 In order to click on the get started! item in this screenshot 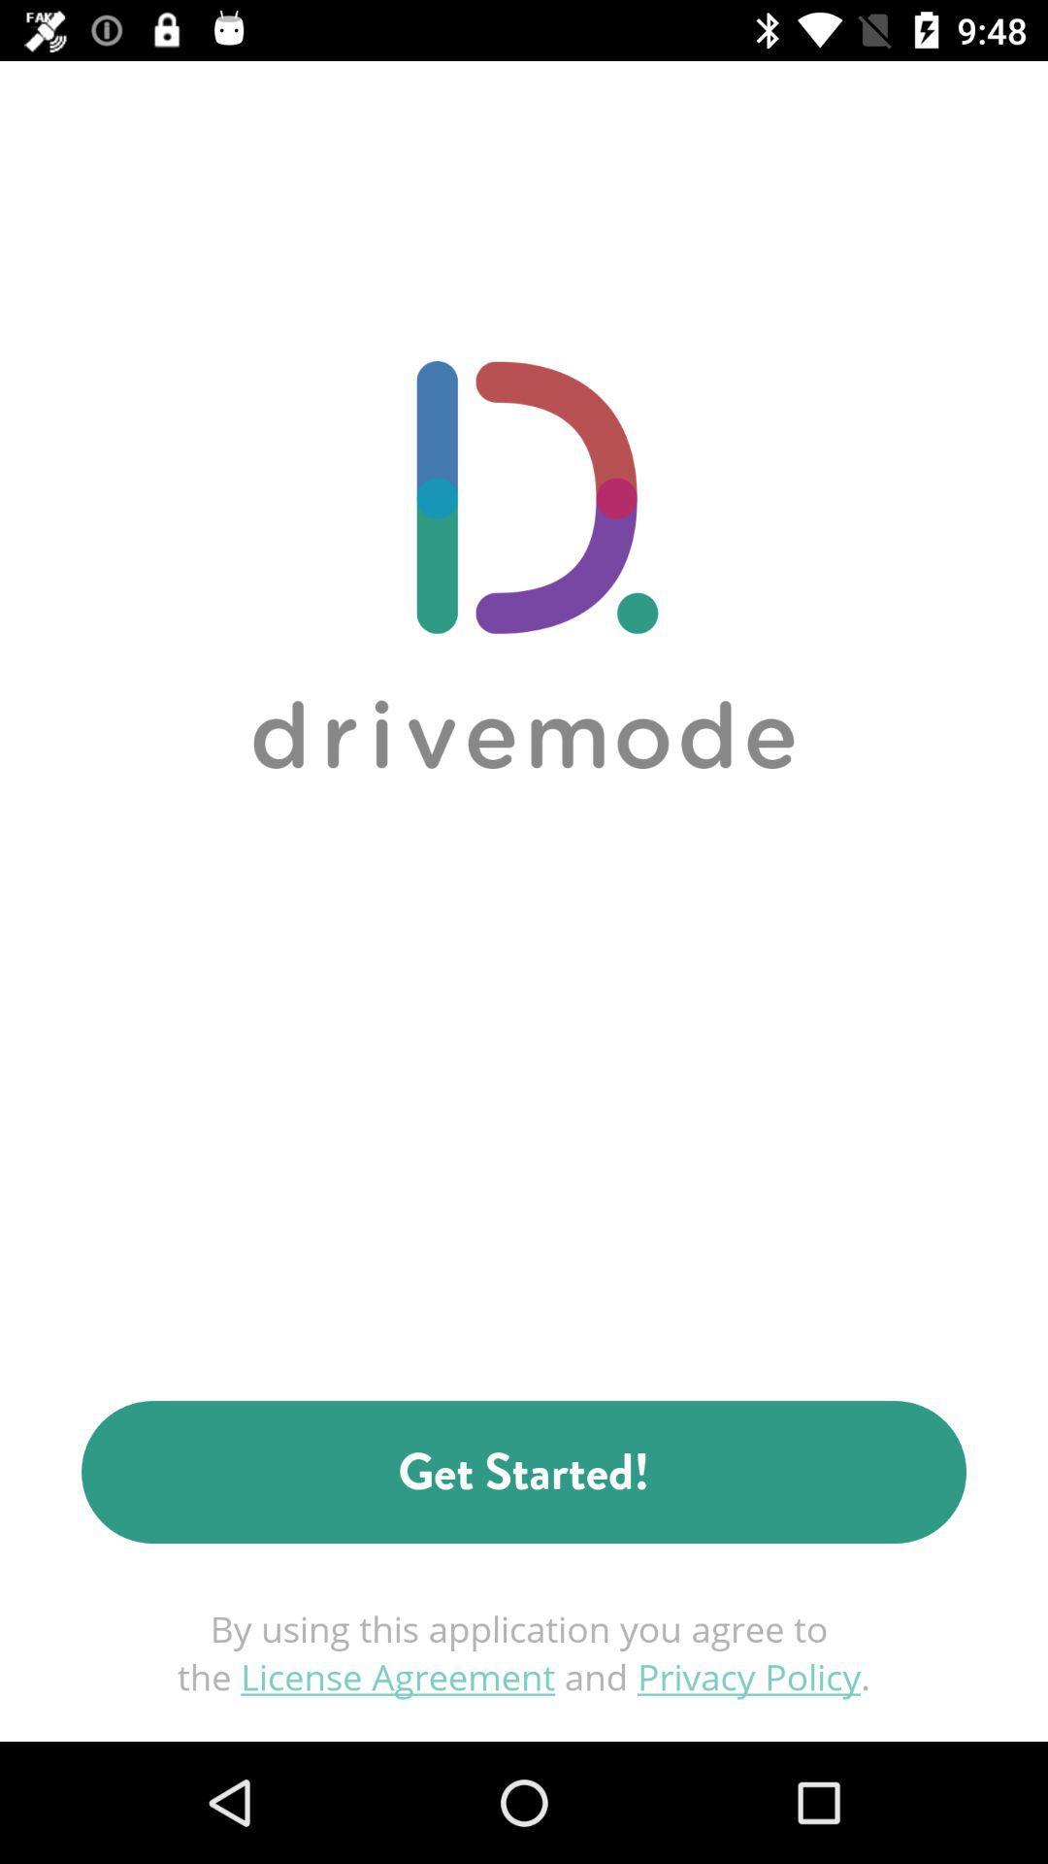, I will do `click(524, 1472)`.